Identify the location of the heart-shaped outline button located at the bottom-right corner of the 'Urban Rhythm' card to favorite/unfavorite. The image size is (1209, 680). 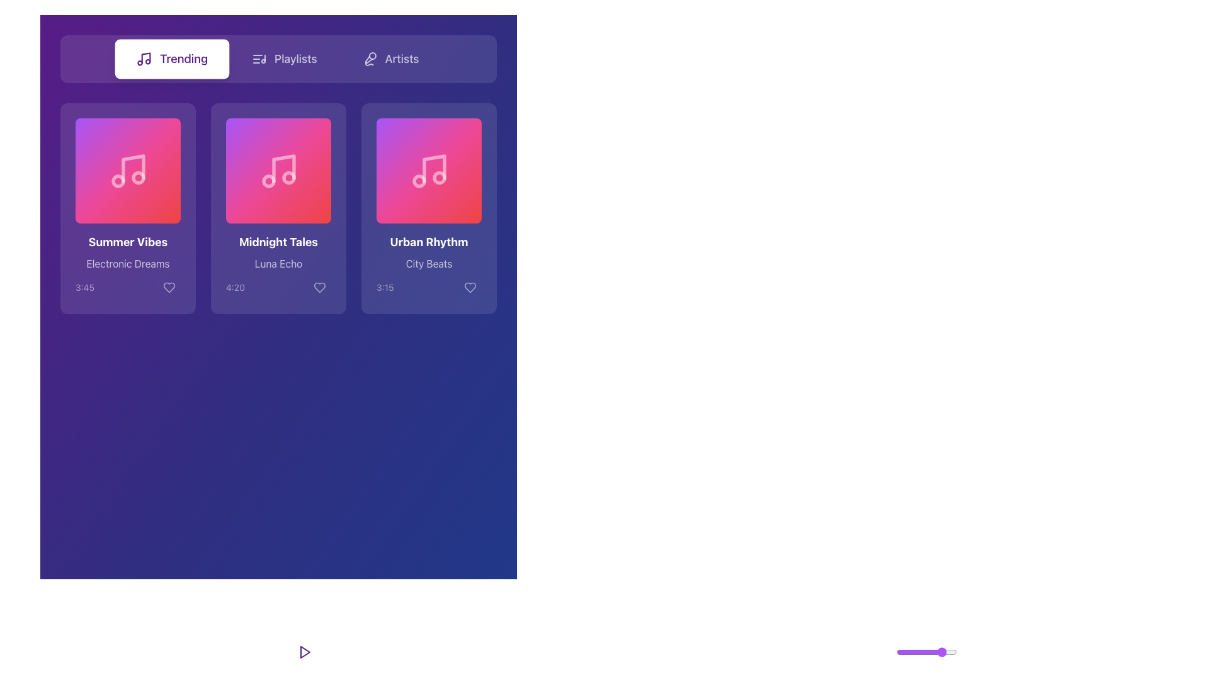
(470, 287).